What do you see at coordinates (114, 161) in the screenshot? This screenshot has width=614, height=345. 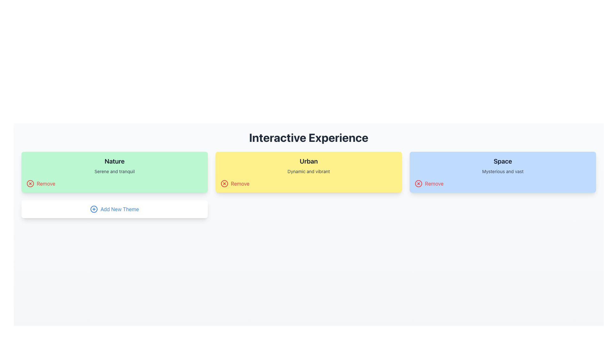 I see `the 'Nature' text label located at the top-center of the green card in the leftmost column, which serves as a title or header for the card` at bounding box center [114, 161].